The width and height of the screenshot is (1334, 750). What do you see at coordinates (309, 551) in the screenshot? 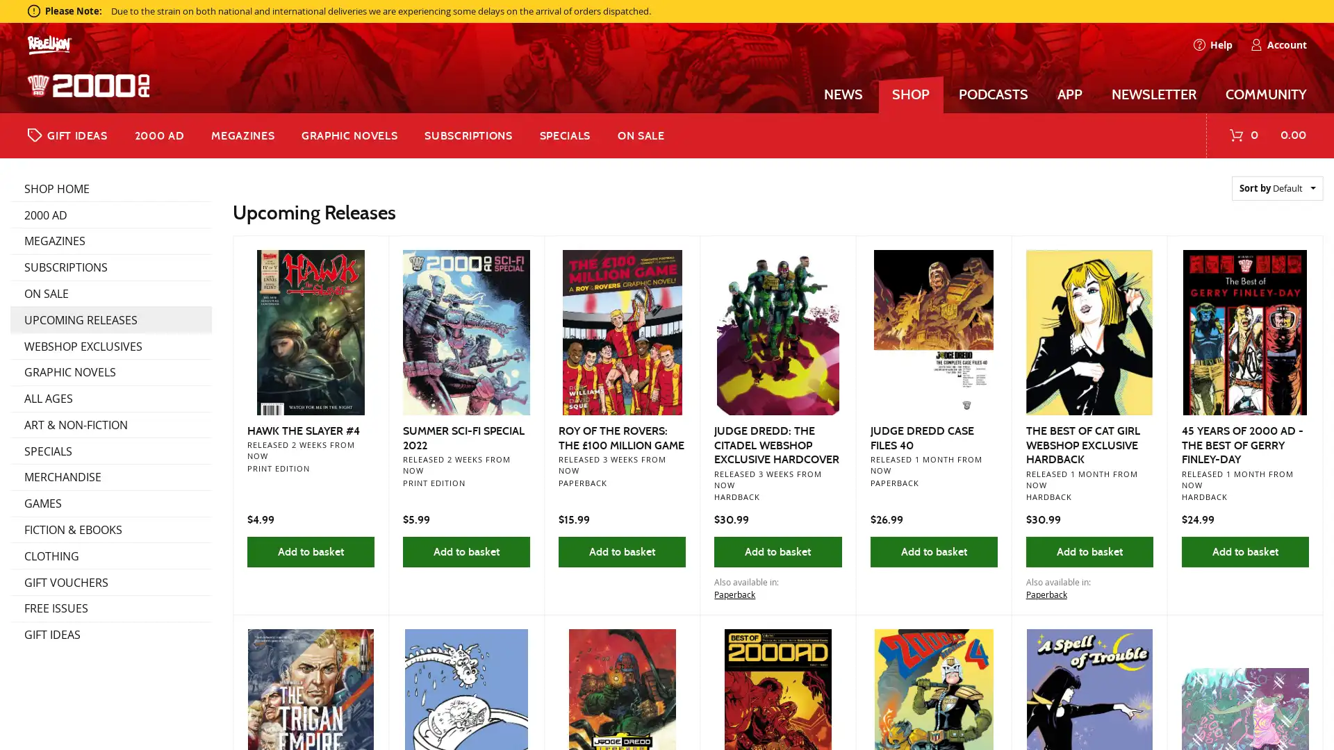
I see `Add to basket` at bounding box center [309, 551].